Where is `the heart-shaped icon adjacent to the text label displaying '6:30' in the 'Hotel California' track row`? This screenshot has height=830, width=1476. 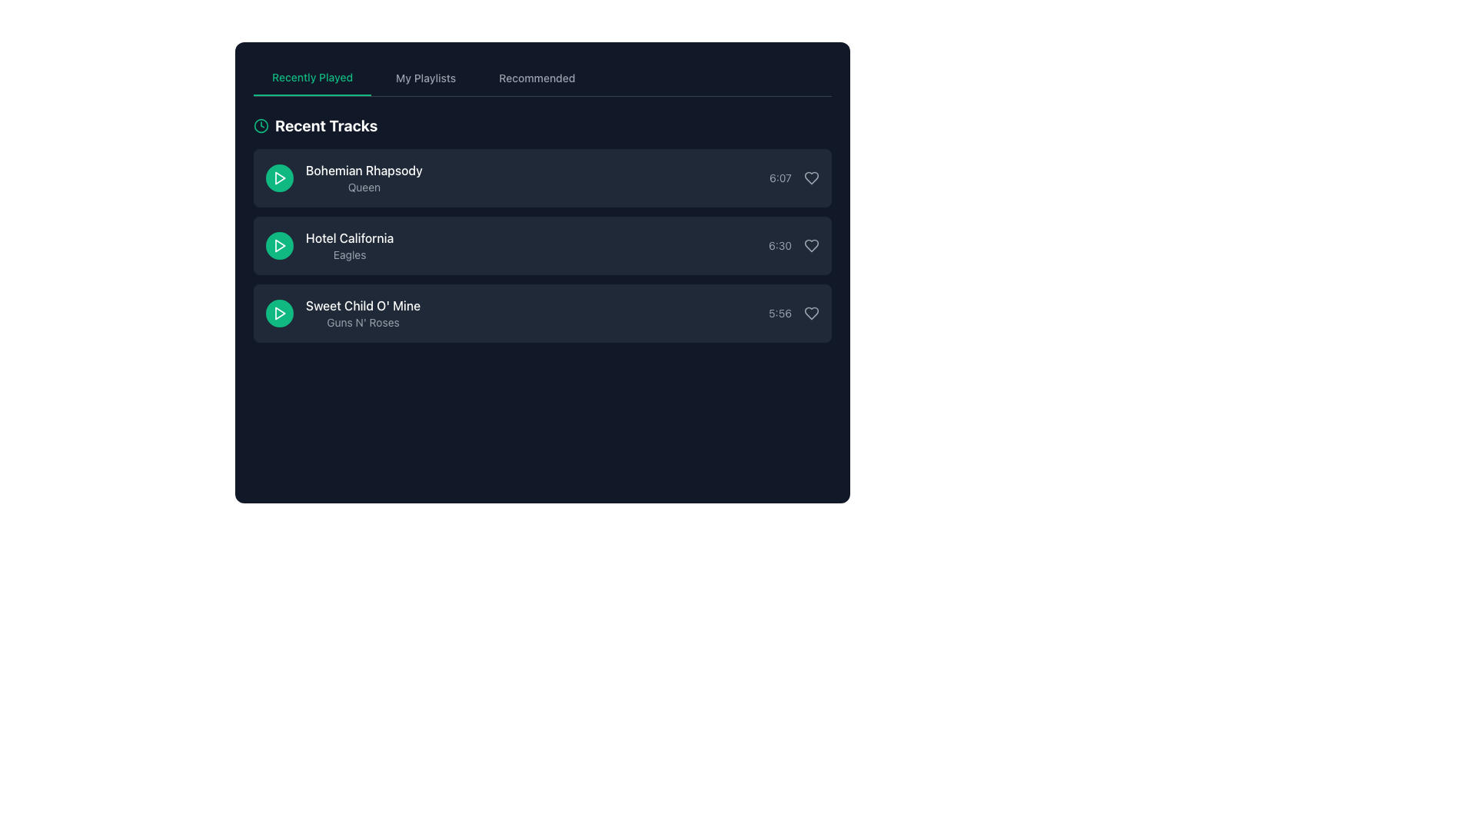 the heart-shaped icon adjacent to the text label displaying '6:30' in the 'Hotel California' track row is located at coordinates (793, 245).